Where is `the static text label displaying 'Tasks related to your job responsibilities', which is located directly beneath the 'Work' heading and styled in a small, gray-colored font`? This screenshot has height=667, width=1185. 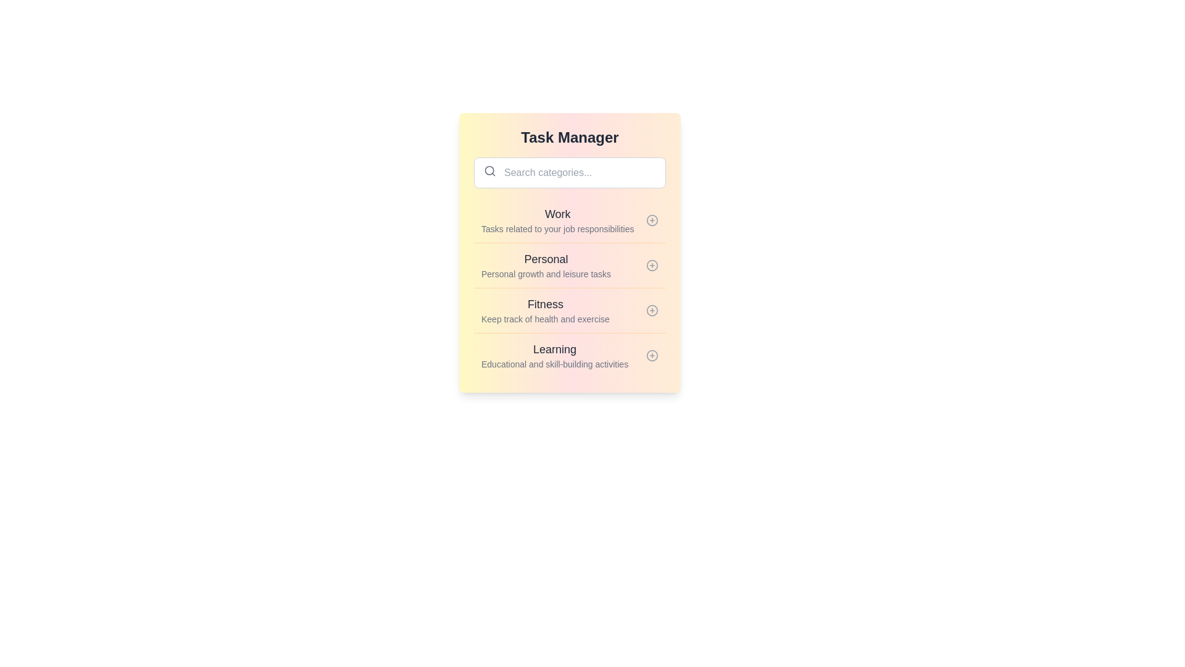
the static text label displaying 'Tasks related to your job responsibilities', which is located directly beneath the 'Work' heading and styled in a small, gray-colored font is located at coordinates (557, 229).